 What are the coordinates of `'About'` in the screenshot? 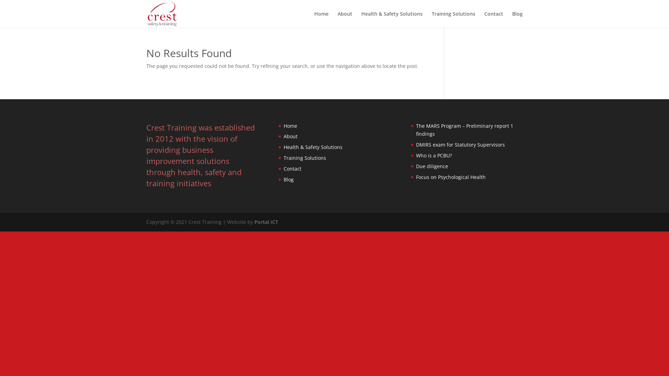 It's located at (291, 136).